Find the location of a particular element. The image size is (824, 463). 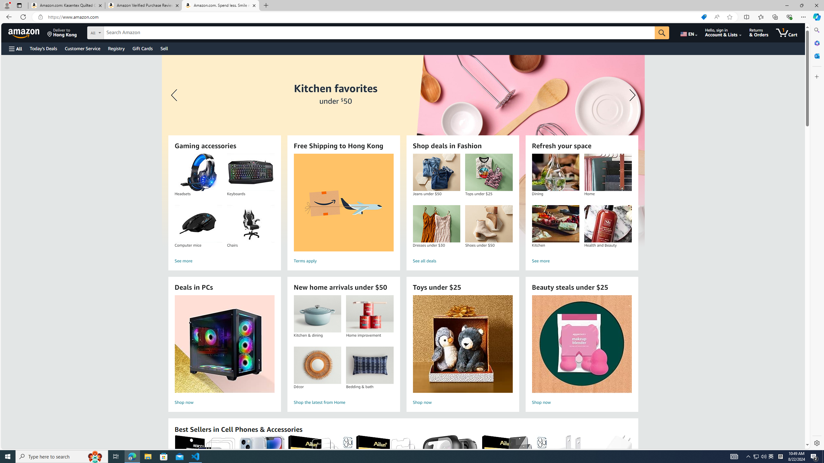

'Health and Beauty' is located at coordinates (608, 224).